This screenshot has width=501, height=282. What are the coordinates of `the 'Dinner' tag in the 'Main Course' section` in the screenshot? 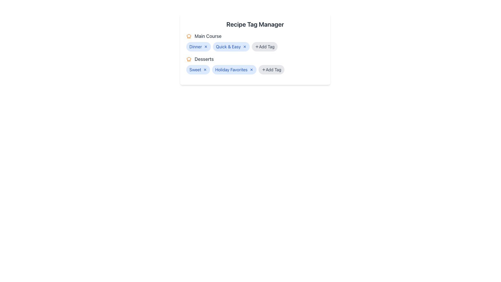 It's located at (198, 46).